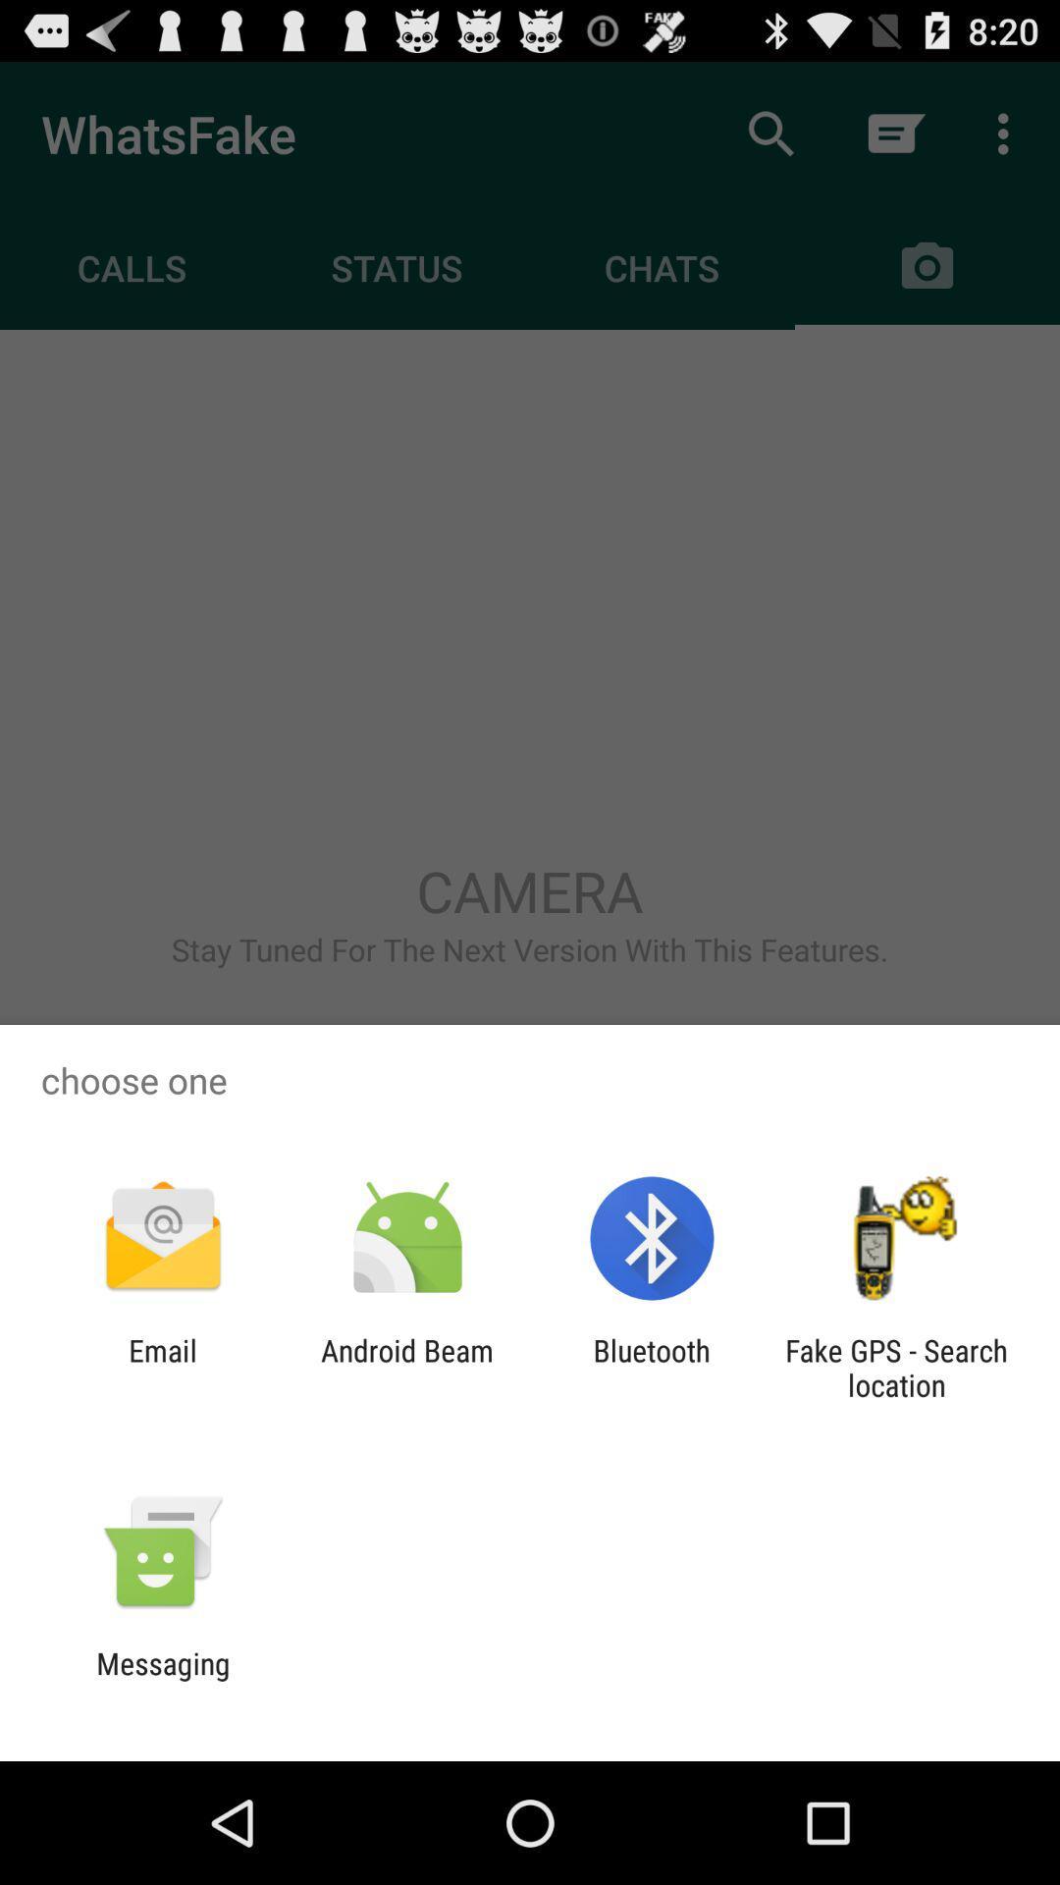  I want to click on the item next to android beam icon, so click(652, 1367).